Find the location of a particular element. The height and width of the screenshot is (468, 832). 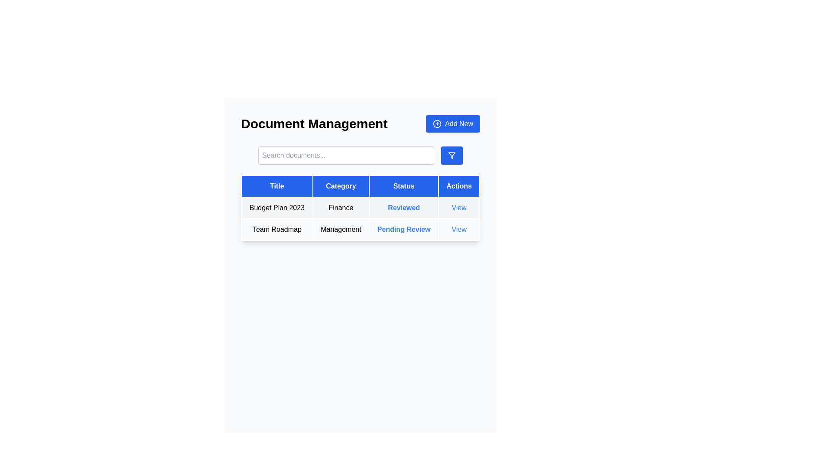

text displayed in the header cell labeled 'Title', which is a blue rectangular box with white centered text is located at coordinates (276, 185).